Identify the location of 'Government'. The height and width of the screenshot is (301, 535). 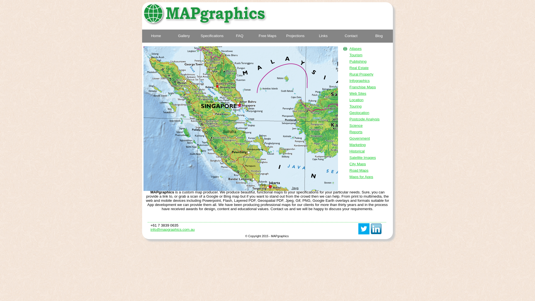
(359, 138).